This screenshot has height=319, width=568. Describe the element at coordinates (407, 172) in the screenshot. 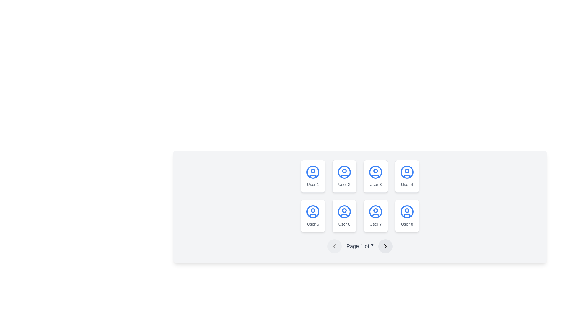

I see `the SVG circle representing the user avatar icon for 'User 4', located in the second column of the second row of user icons` at that location.